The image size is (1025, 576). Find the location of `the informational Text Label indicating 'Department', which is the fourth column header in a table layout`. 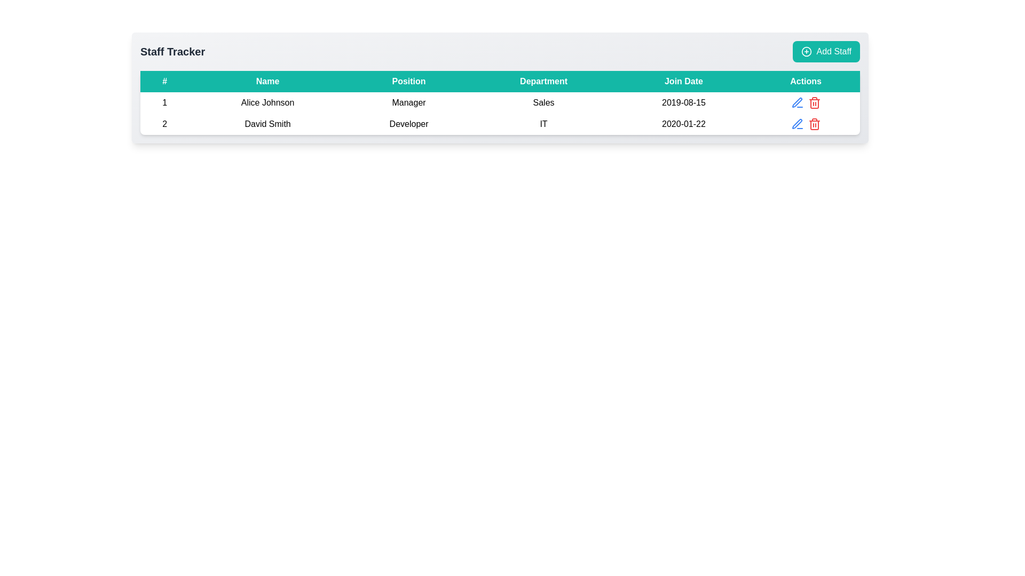

the informational Text Label indicating 'Department', which is the fourth column header in a table layout is located at coordinates (543, 81).